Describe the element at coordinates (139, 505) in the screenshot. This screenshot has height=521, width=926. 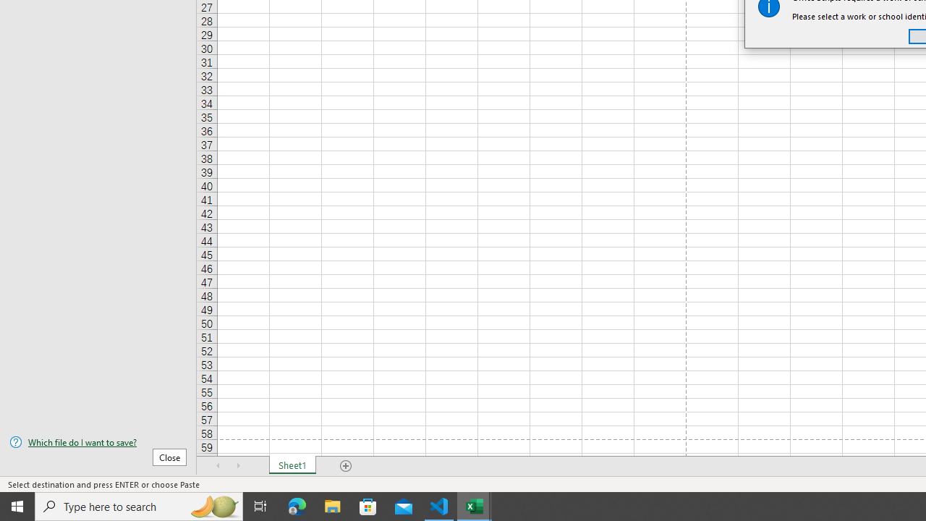
I see `'Type here to search'` at that location.